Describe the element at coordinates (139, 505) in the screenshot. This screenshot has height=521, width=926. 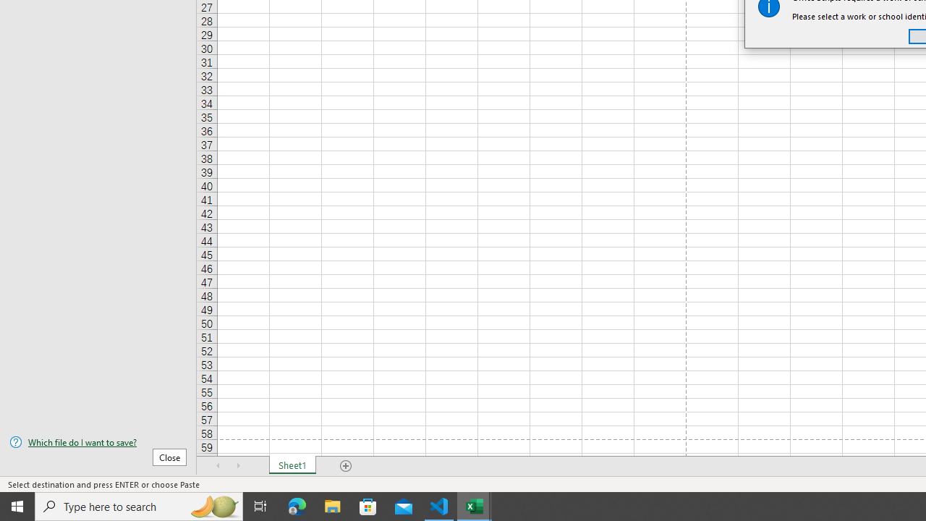
I see `'Type here to search'` at that location.